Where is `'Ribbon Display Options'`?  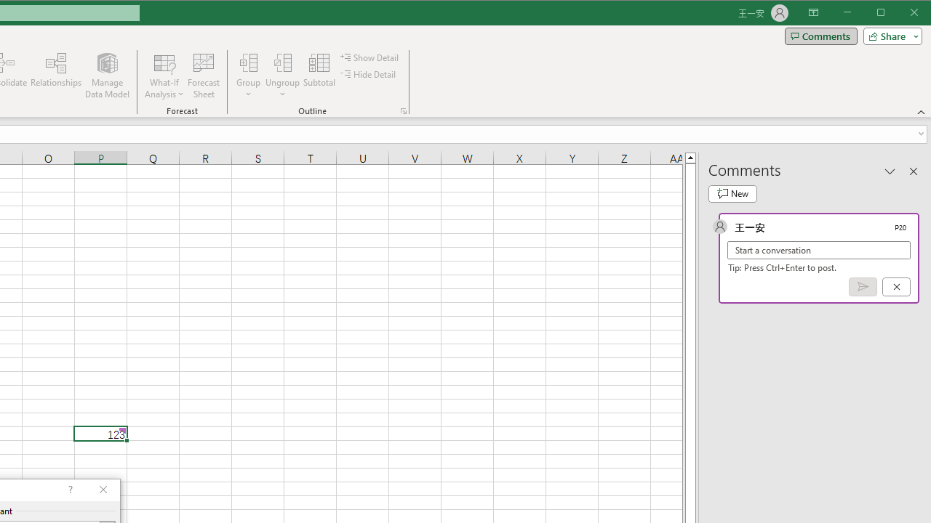 'Ribbon Display Options' is located at coordinates (812, 13).